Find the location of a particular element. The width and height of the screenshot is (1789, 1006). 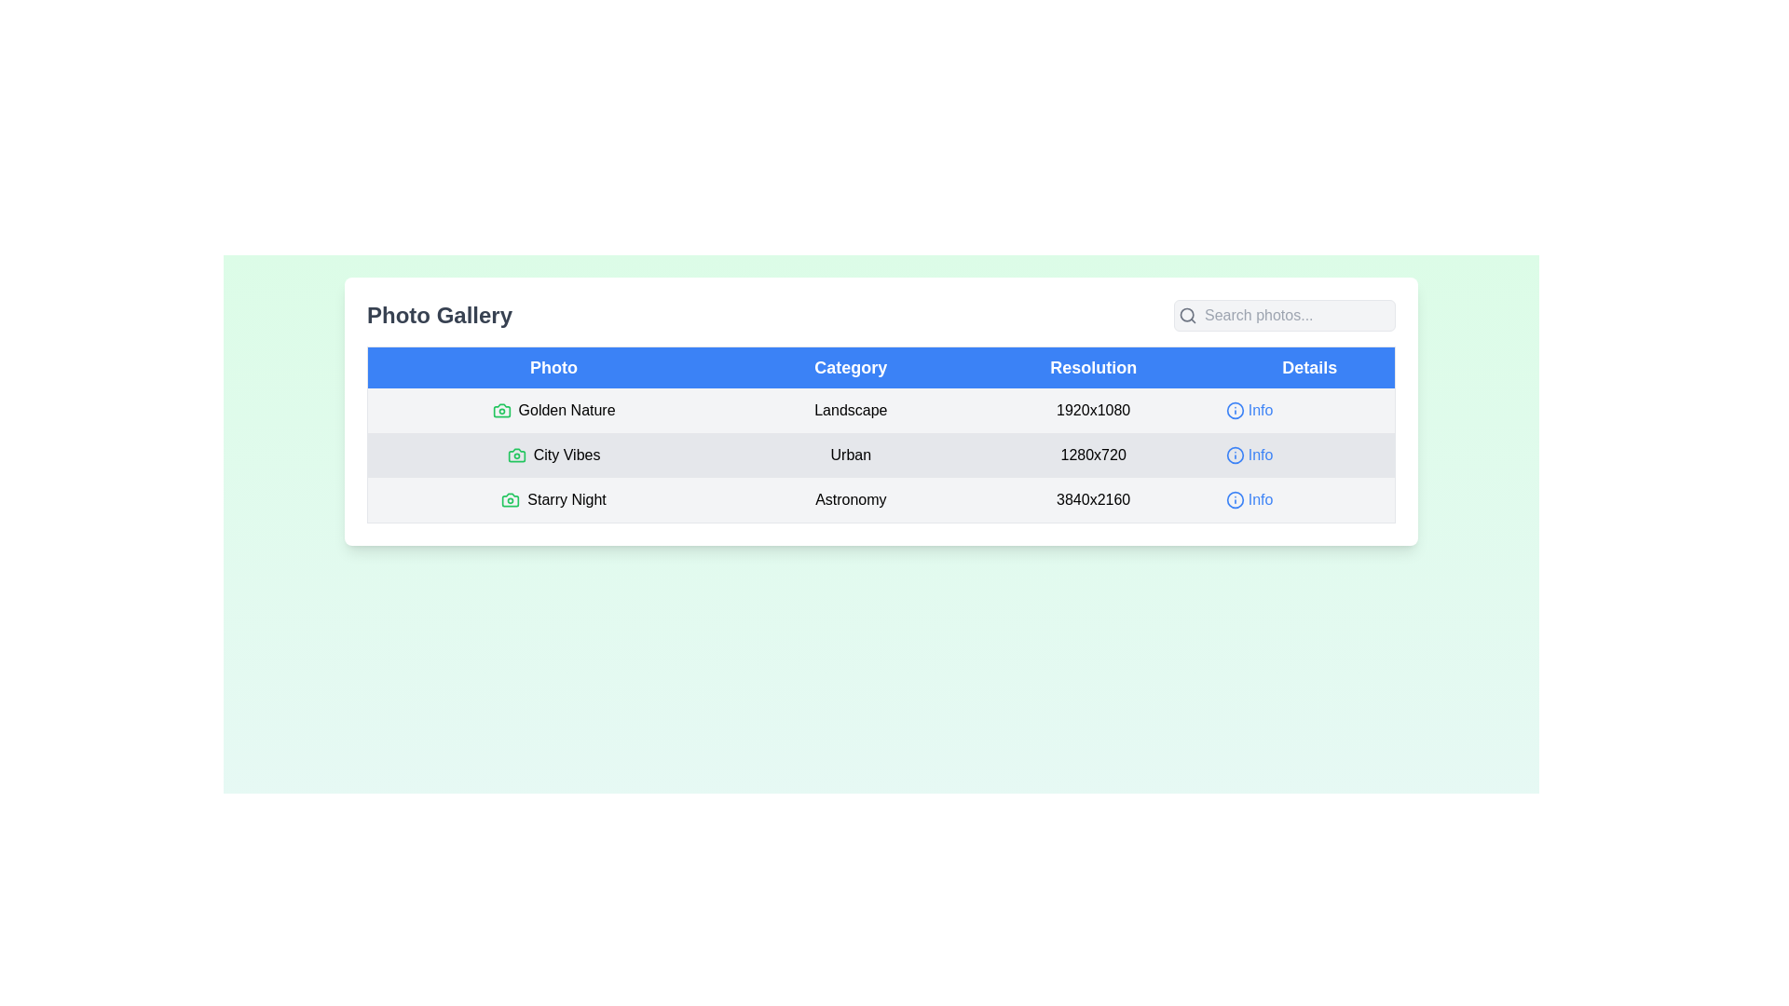

the 'City Vibes' text with a green camera icon located is located at coordinates (553, 455).